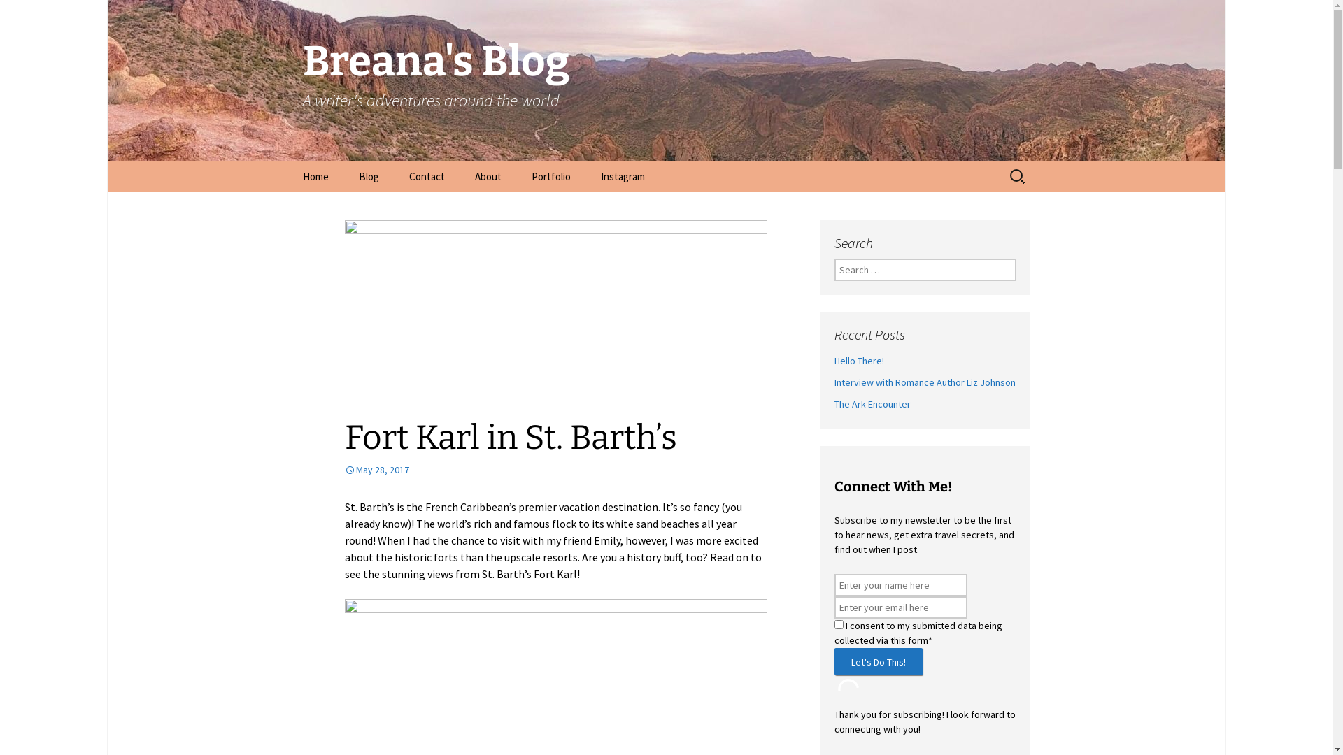 Image resolution: width=1343 pixels, height=755 pixels. I want to click on 'About', so click(487, 175).